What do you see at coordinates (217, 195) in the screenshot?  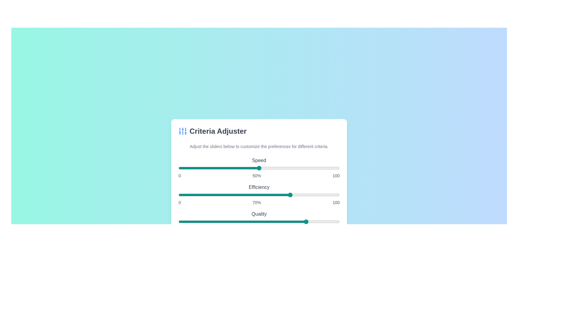 I see `the Efficiency slider to 24%` at bounding box center [217, 195].